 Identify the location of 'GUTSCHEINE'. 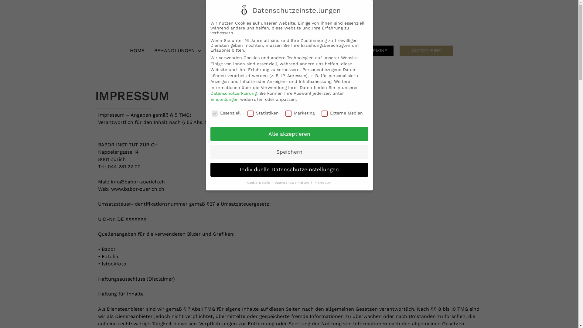
(426, 50).